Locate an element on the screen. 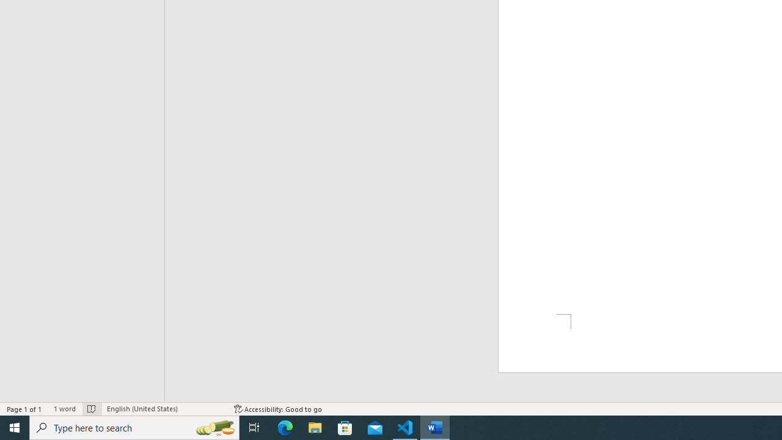 The width and height of the screenshot is (782, 440). 'Spelling and Grammar Check No Errors' is located at coordinates (91, 409).